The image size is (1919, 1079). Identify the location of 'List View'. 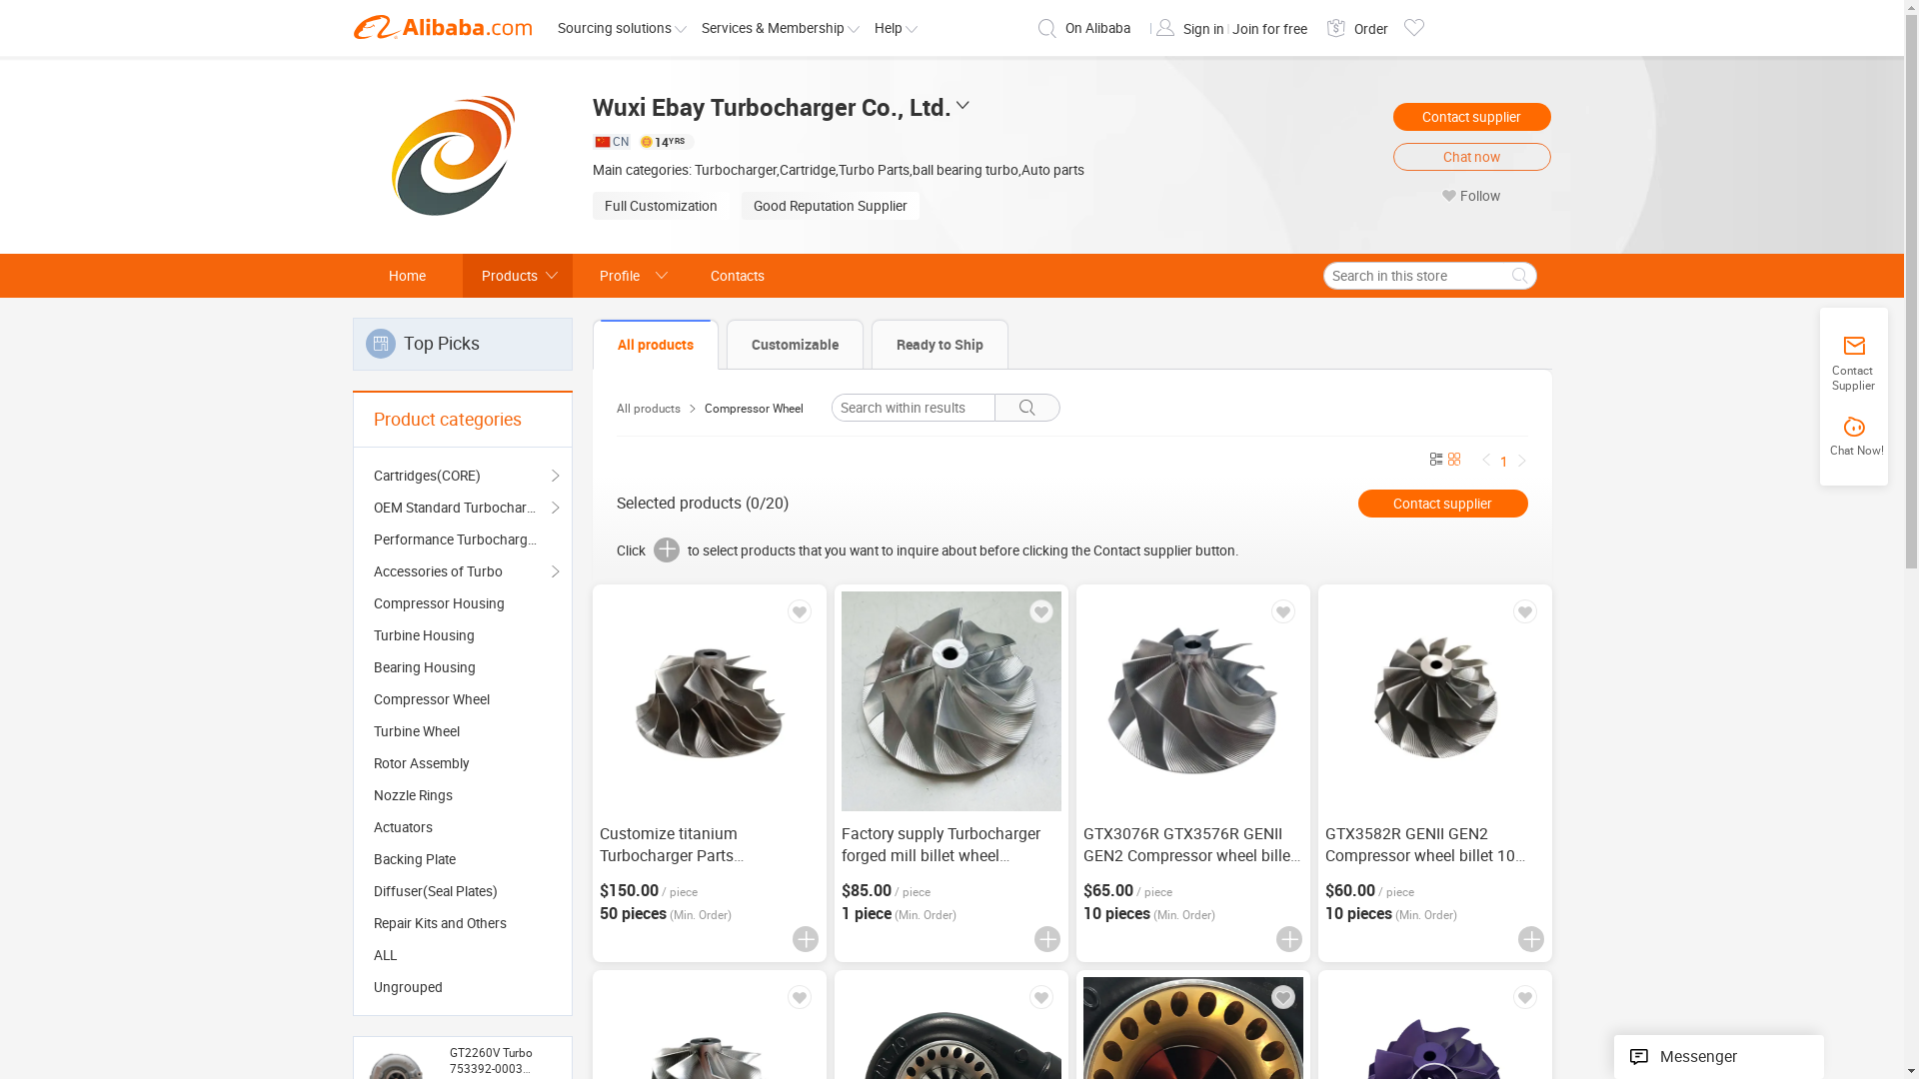
(1433, 461).